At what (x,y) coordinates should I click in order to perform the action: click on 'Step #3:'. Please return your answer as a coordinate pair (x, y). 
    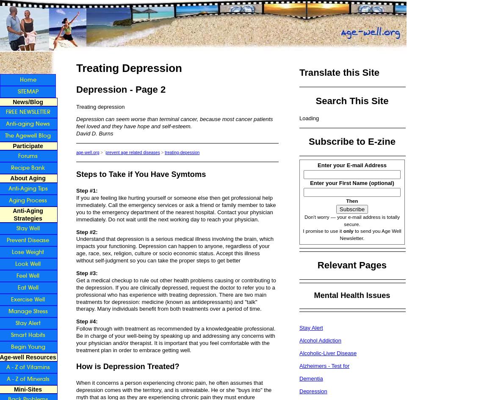
    Looking at the image, I should click on (86, 272).